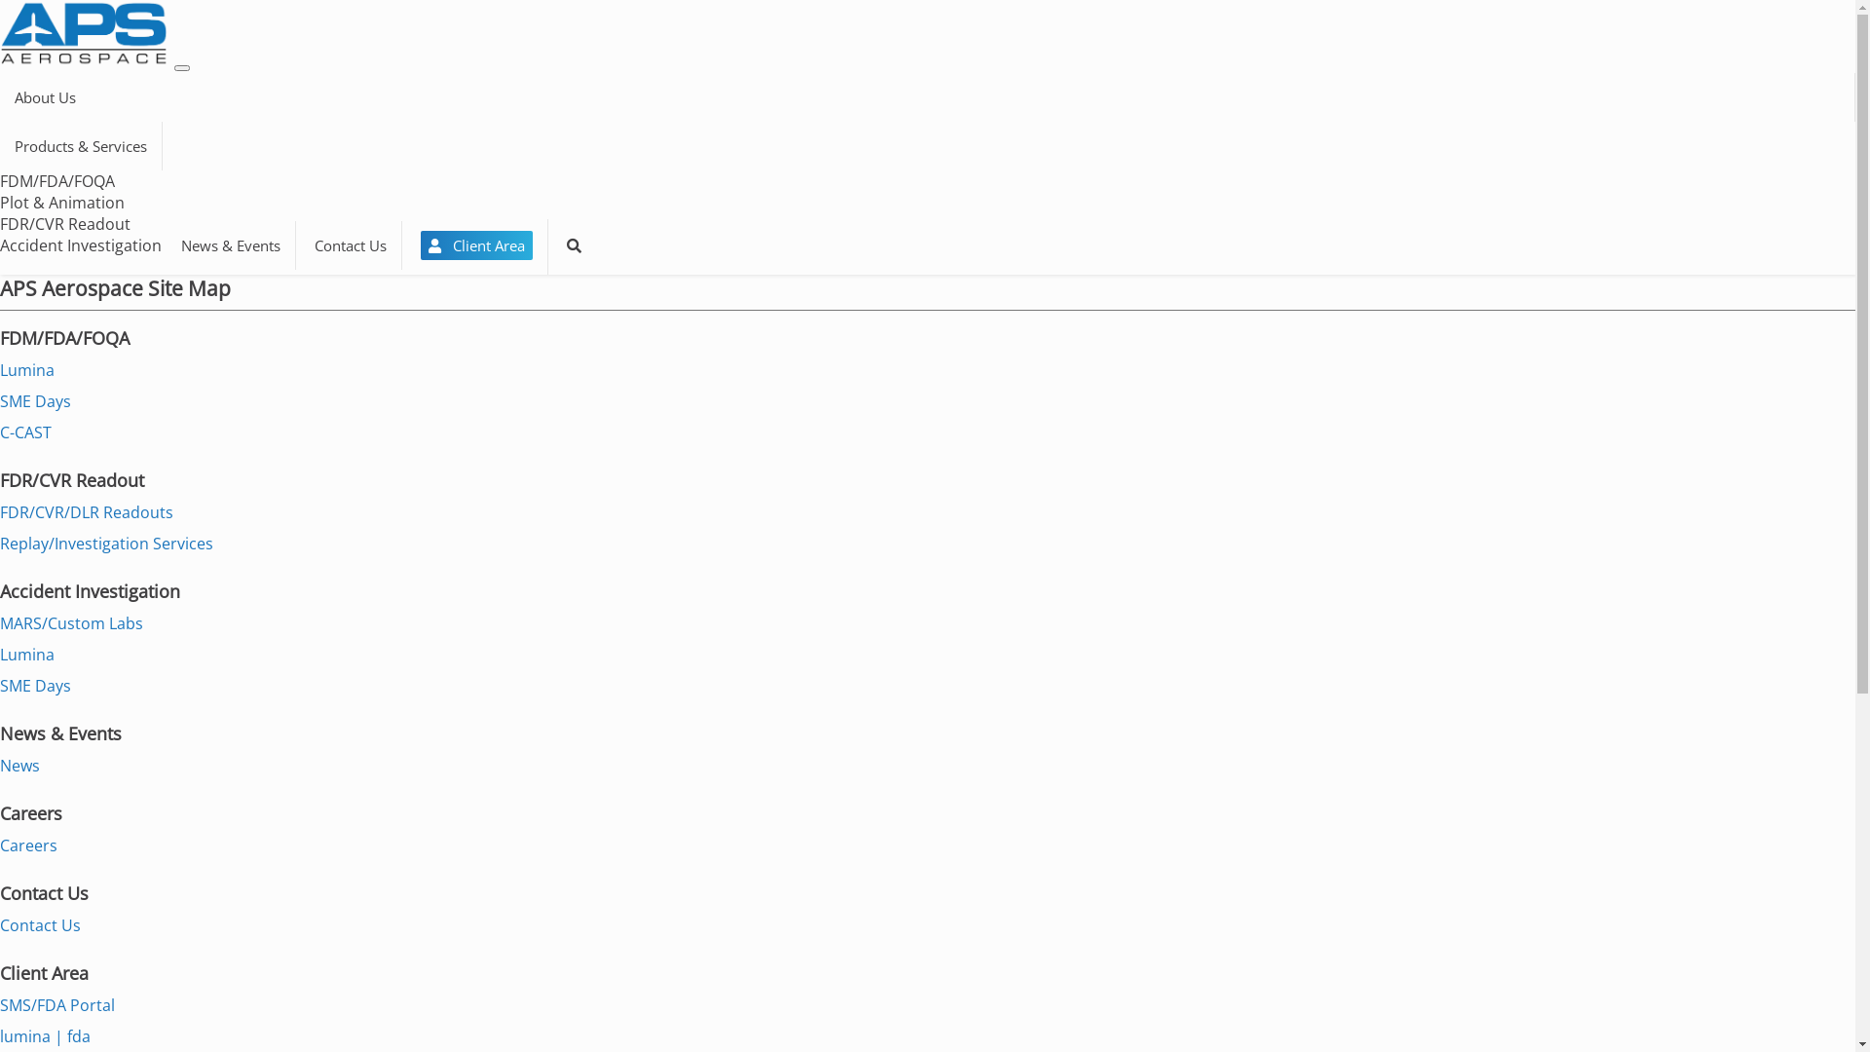 The height and width of the screenshot is (1052, 1870). Describe the element at coordinates (45, 1035) in the screenshot. I see `'lumina | fda'` at that location.